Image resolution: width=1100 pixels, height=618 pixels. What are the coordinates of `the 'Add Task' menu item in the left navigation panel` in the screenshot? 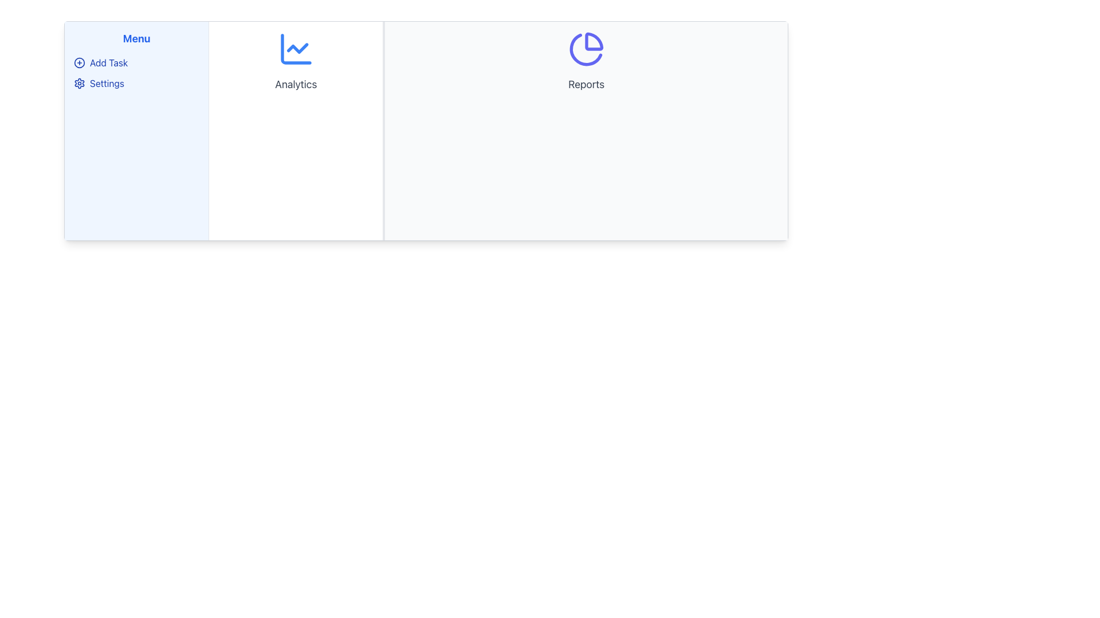 It's located at (136, 63).